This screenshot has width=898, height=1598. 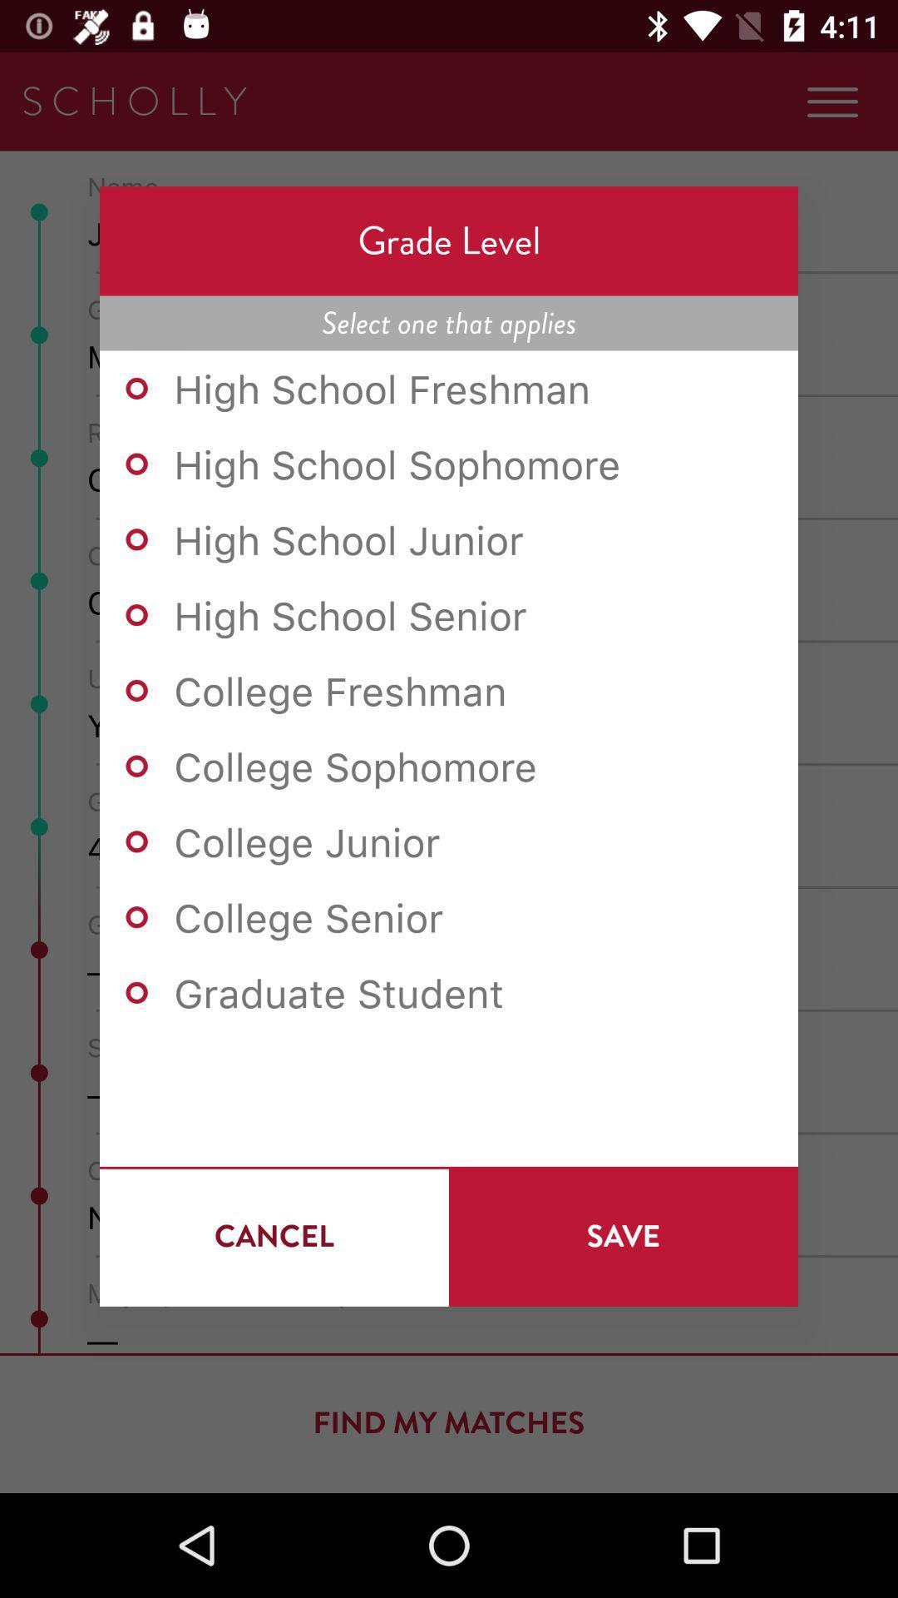 I want to click on the cancel icon, so click(x=274, y=1236).